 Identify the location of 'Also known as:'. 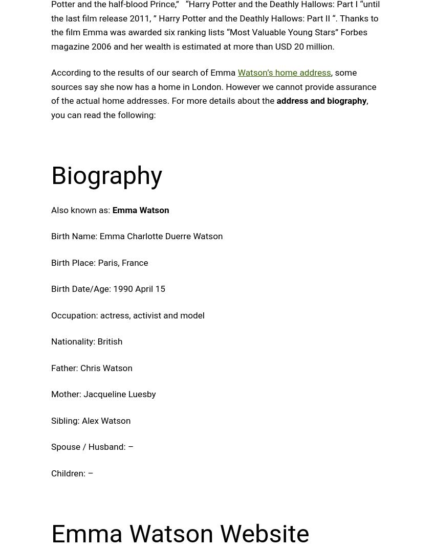
(81, 210).